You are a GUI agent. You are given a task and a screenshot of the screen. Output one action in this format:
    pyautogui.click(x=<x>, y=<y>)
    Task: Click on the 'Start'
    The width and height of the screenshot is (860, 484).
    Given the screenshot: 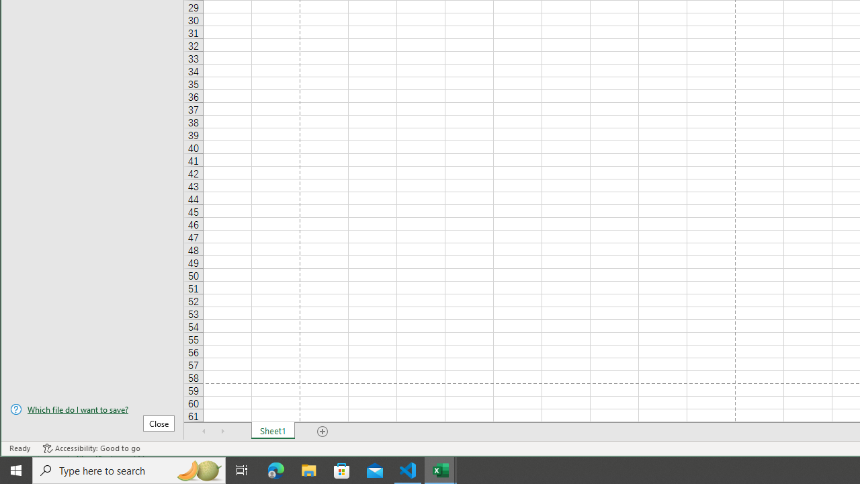 What is the action you would take?
    pyautogui.click(x=16, y=469)
    